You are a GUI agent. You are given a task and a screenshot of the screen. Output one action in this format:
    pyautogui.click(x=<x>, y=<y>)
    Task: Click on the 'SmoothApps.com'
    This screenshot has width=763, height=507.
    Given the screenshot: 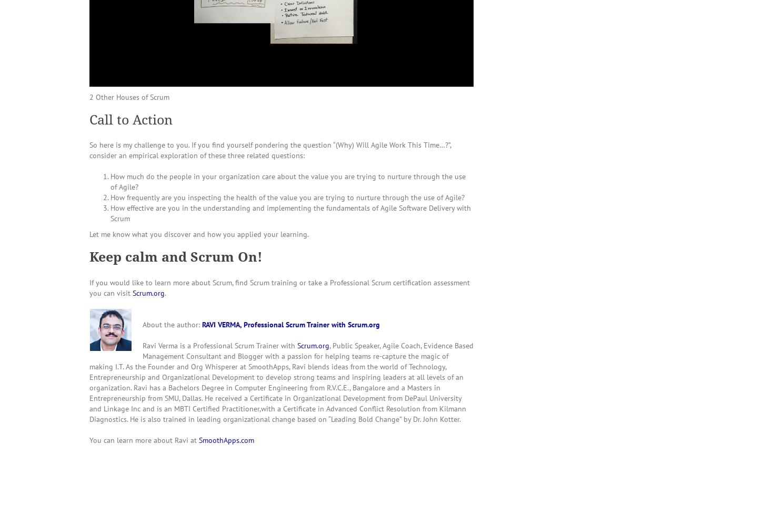 What is the action you would take?
    pyautogui.click(x=198, y=439)
    